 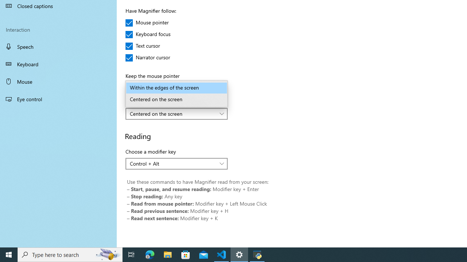 I want to click on 'Text cursor', so click(x=147, y=46).